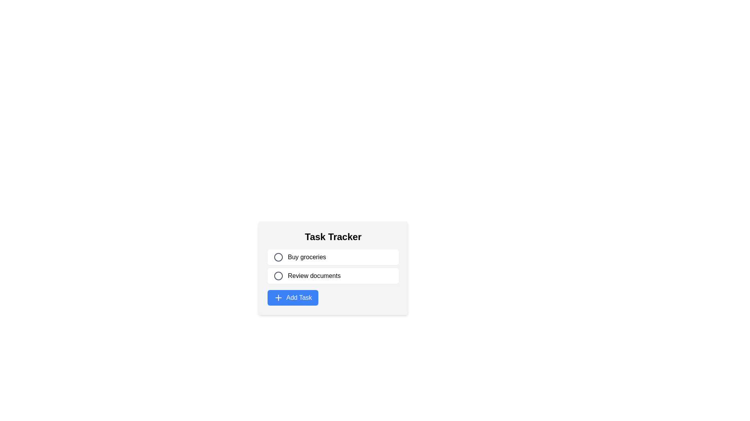 The width and height of the screenshot is (750, 421). I want to click on the second item in the Task Tracker list, which is labeled 'Review documents', so click(333, 266).